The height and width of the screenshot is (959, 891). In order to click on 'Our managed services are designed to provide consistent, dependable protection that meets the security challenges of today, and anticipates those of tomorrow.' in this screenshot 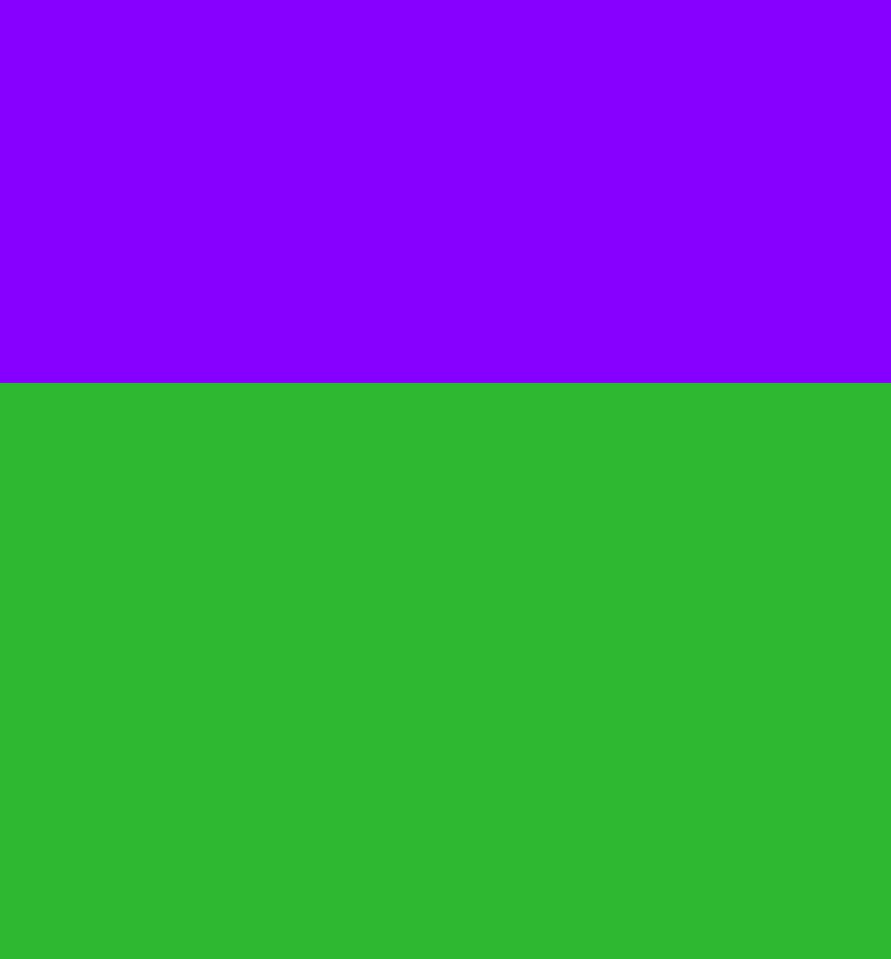, I will do `click(33, 890)`.